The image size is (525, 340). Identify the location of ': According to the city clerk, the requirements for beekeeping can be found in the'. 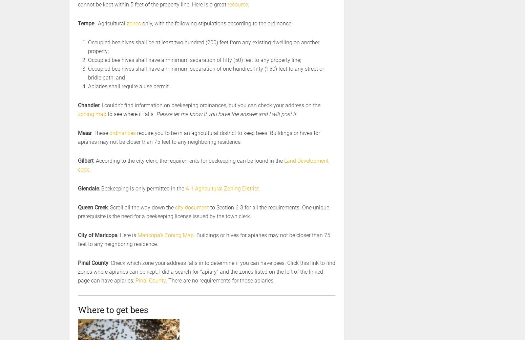
(93, 161).